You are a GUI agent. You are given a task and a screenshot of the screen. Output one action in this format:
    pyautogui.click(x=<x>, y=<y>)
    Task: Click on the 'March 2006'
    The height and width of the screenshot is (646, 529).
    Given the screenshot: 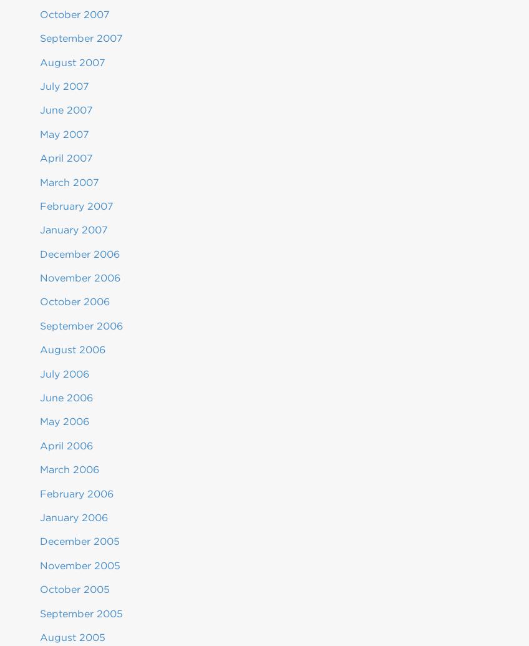 What is the action you would take?
    pyautogui.click(x=40, y=469)
    